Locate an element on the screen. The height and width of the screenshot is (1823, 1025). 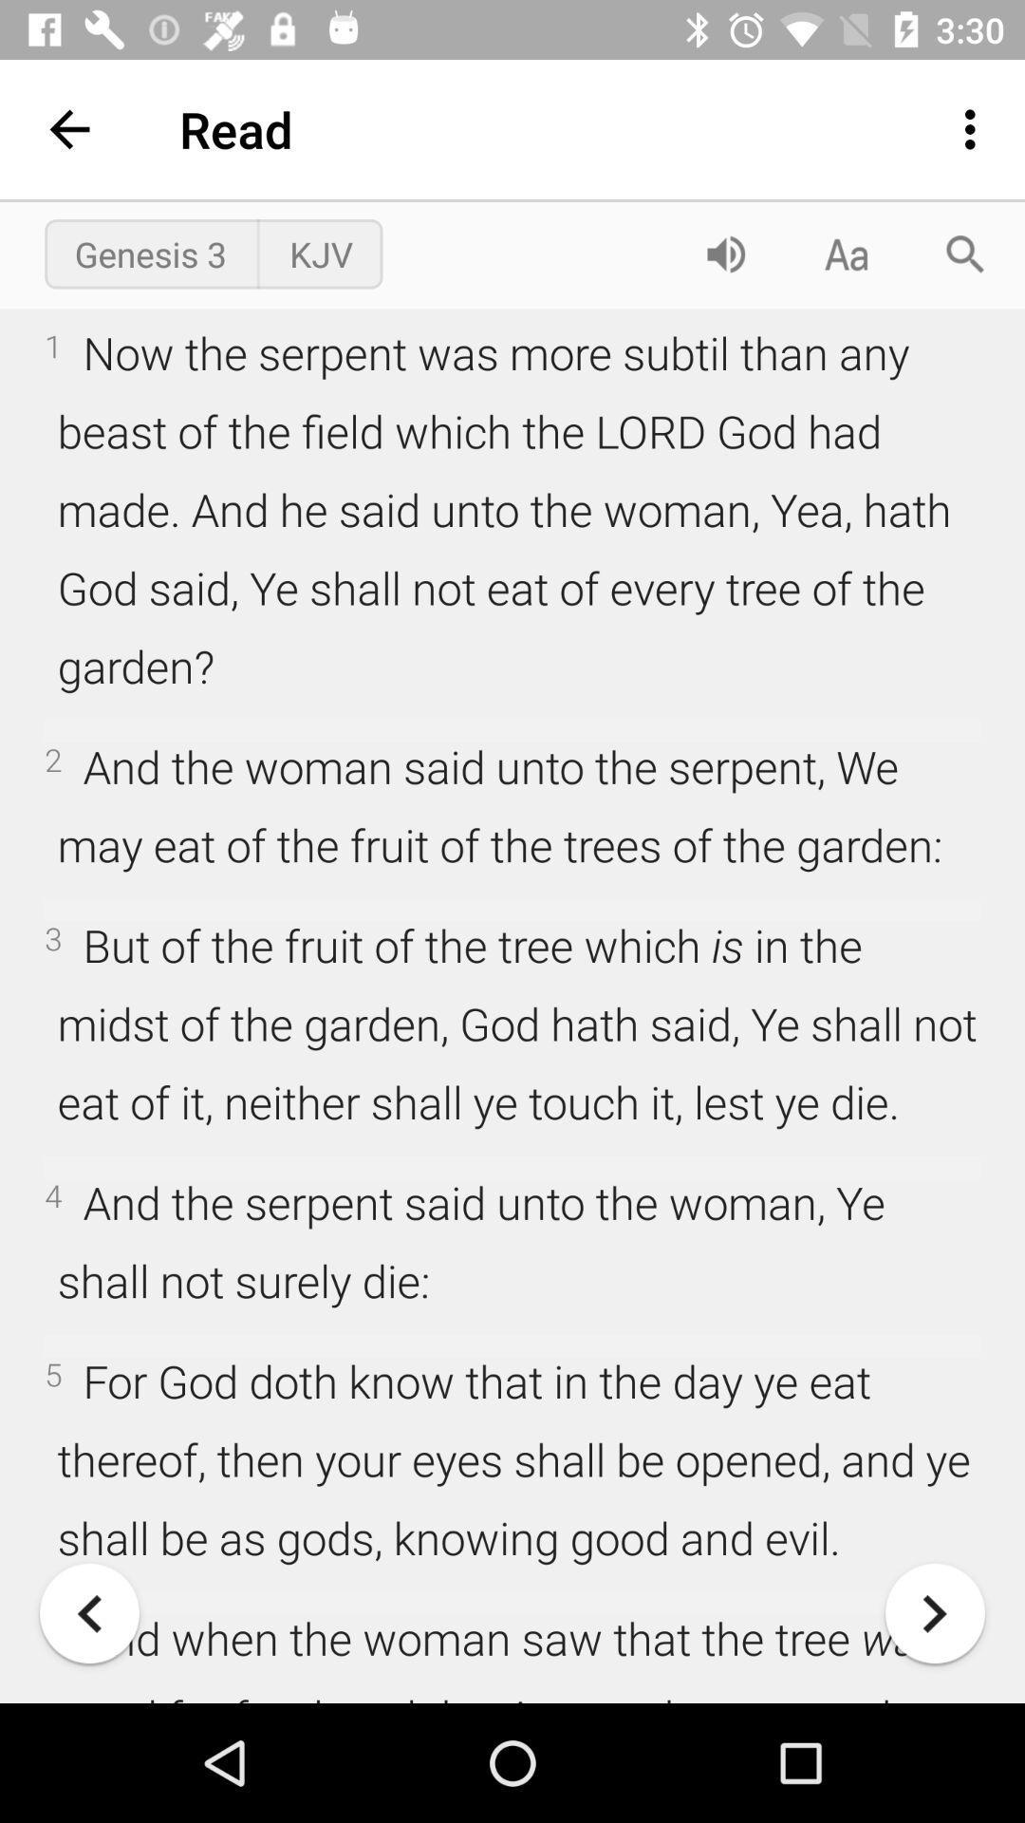
search function is located at coordinates (965, 253).